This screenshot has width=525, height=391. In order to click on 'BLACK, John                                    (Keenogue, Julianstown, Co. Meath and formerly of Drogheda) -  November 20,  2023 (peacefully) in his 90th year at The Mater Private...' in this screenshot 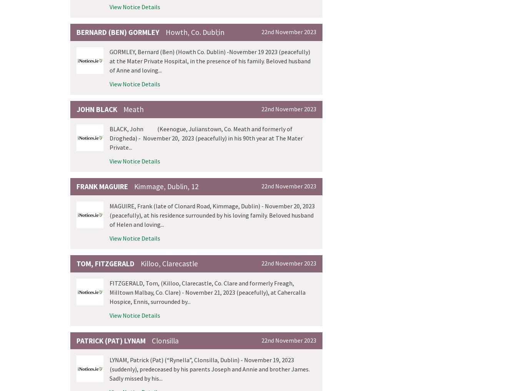, I will do `click(206, 137)`.